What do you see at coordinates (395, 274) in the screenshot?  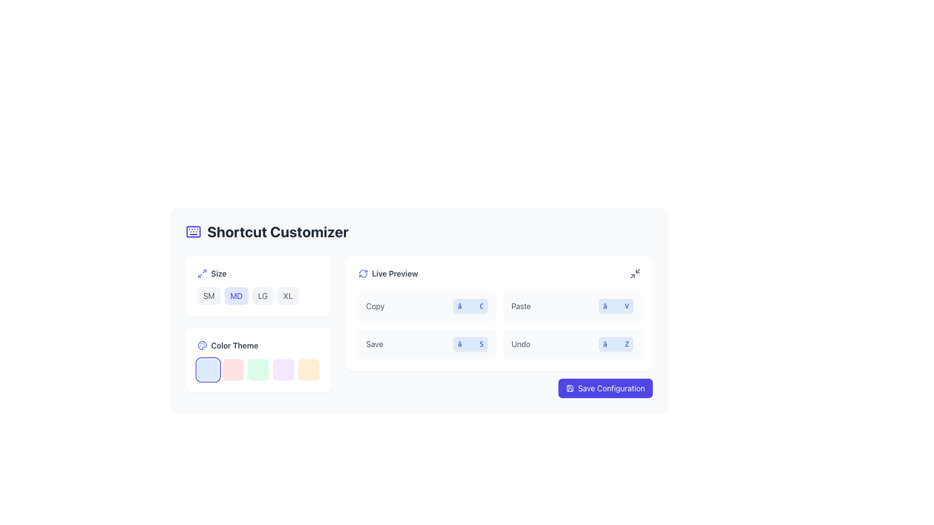 I see `the 'Live Preview' text label, which is displayed in a bold font style and dark gray color, positioned alongside an icon on its left in the top section of the layout` at bounding box center [395, 274].